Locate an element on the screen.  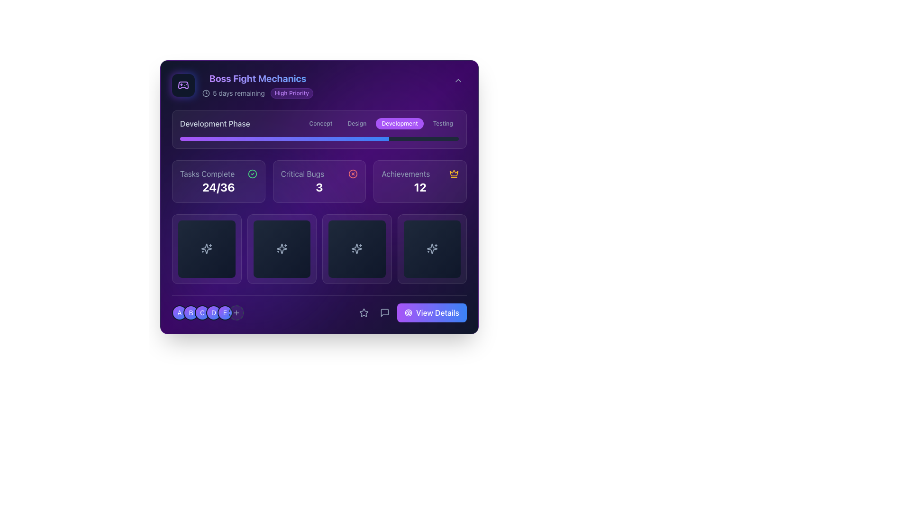
text from the 'Tasks Complete' label that is accompanied by a green circle checkmark icon, located in the top-left quadrant of the dashboard interface is located at coordinates (218, 174).